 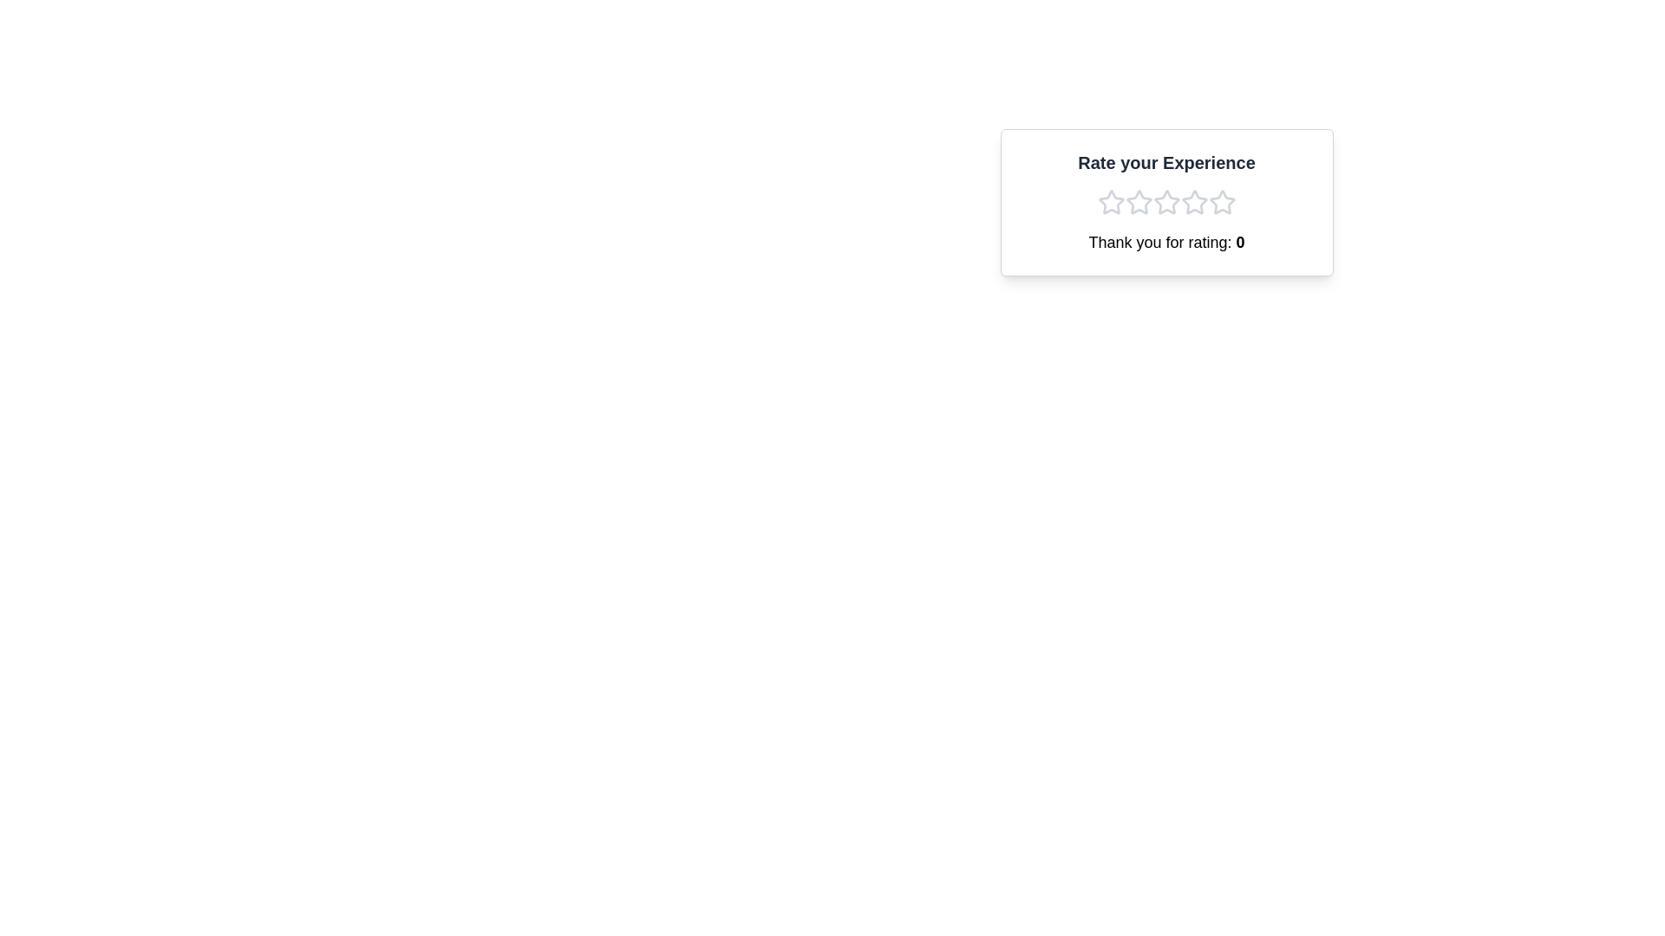 I want to click on the first star icon in the rating section to provide a rating score, indicating the lowest rating, so click(x=1111, y=200).